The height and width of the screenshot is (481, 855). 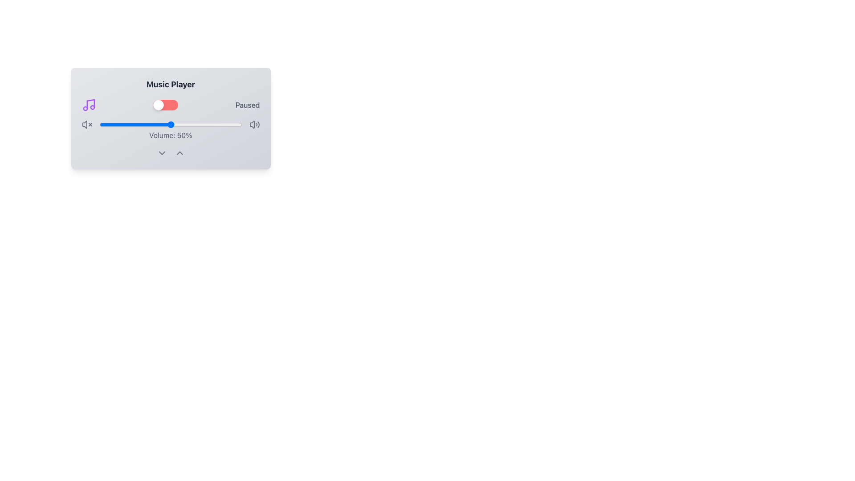 I want to click on the volume, so click(x=159, y=125).